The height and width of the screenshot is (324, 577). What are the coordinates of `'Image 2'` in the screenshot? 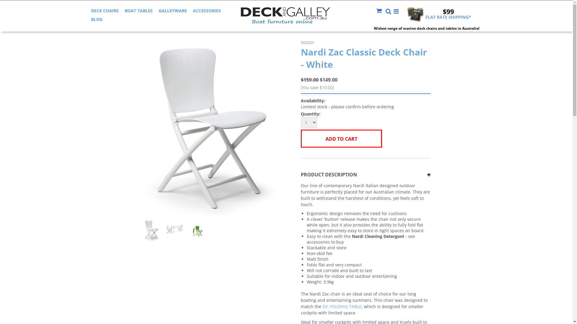 It's located at (174, 227).